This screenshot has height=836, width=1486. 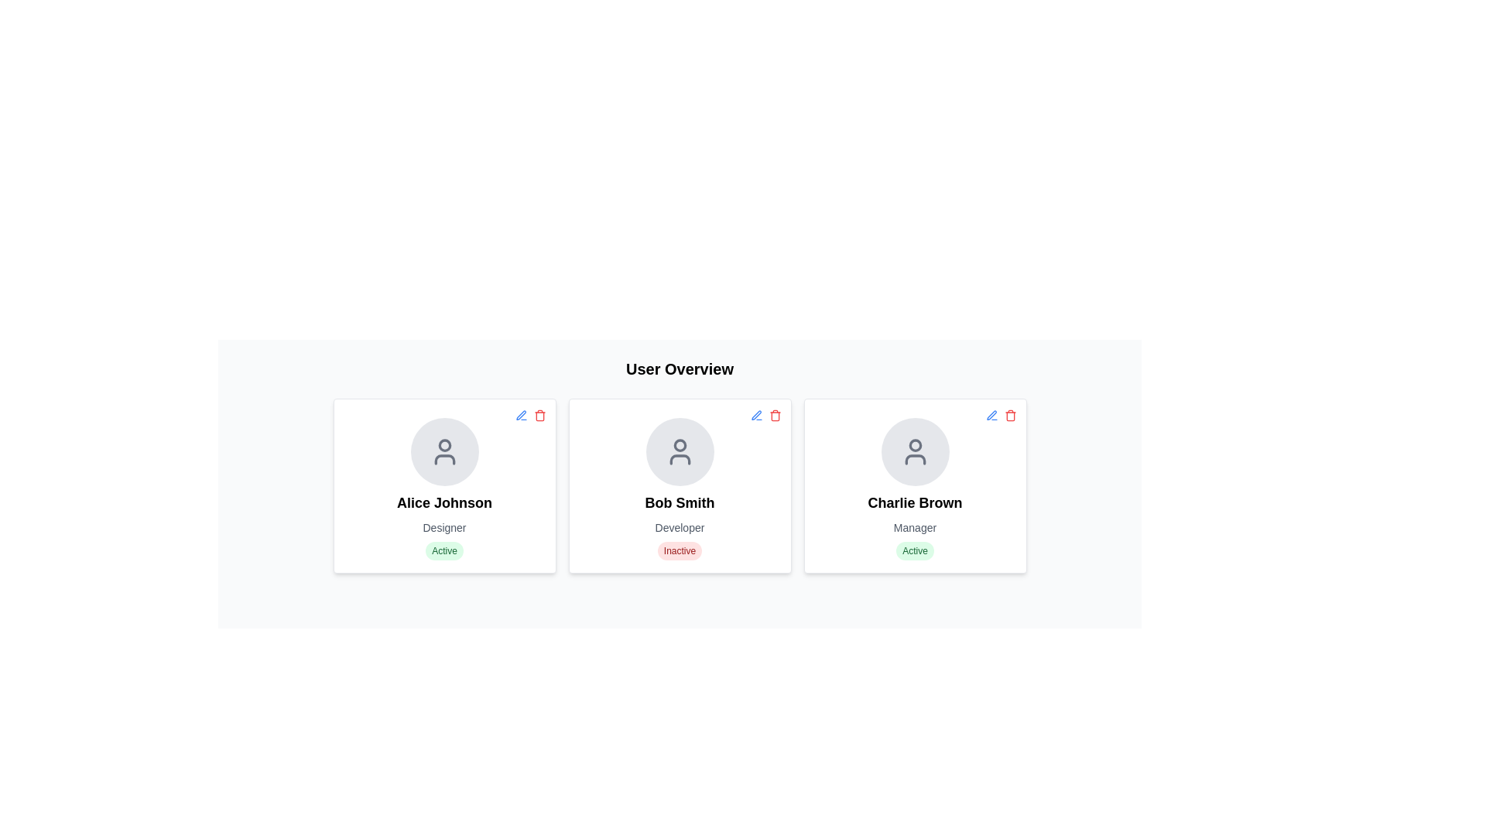 I want to click on the circular icon with a gray background and a user avatar outline located at the top of the card titled 'Bob Smith', so click(x=680, y=451).